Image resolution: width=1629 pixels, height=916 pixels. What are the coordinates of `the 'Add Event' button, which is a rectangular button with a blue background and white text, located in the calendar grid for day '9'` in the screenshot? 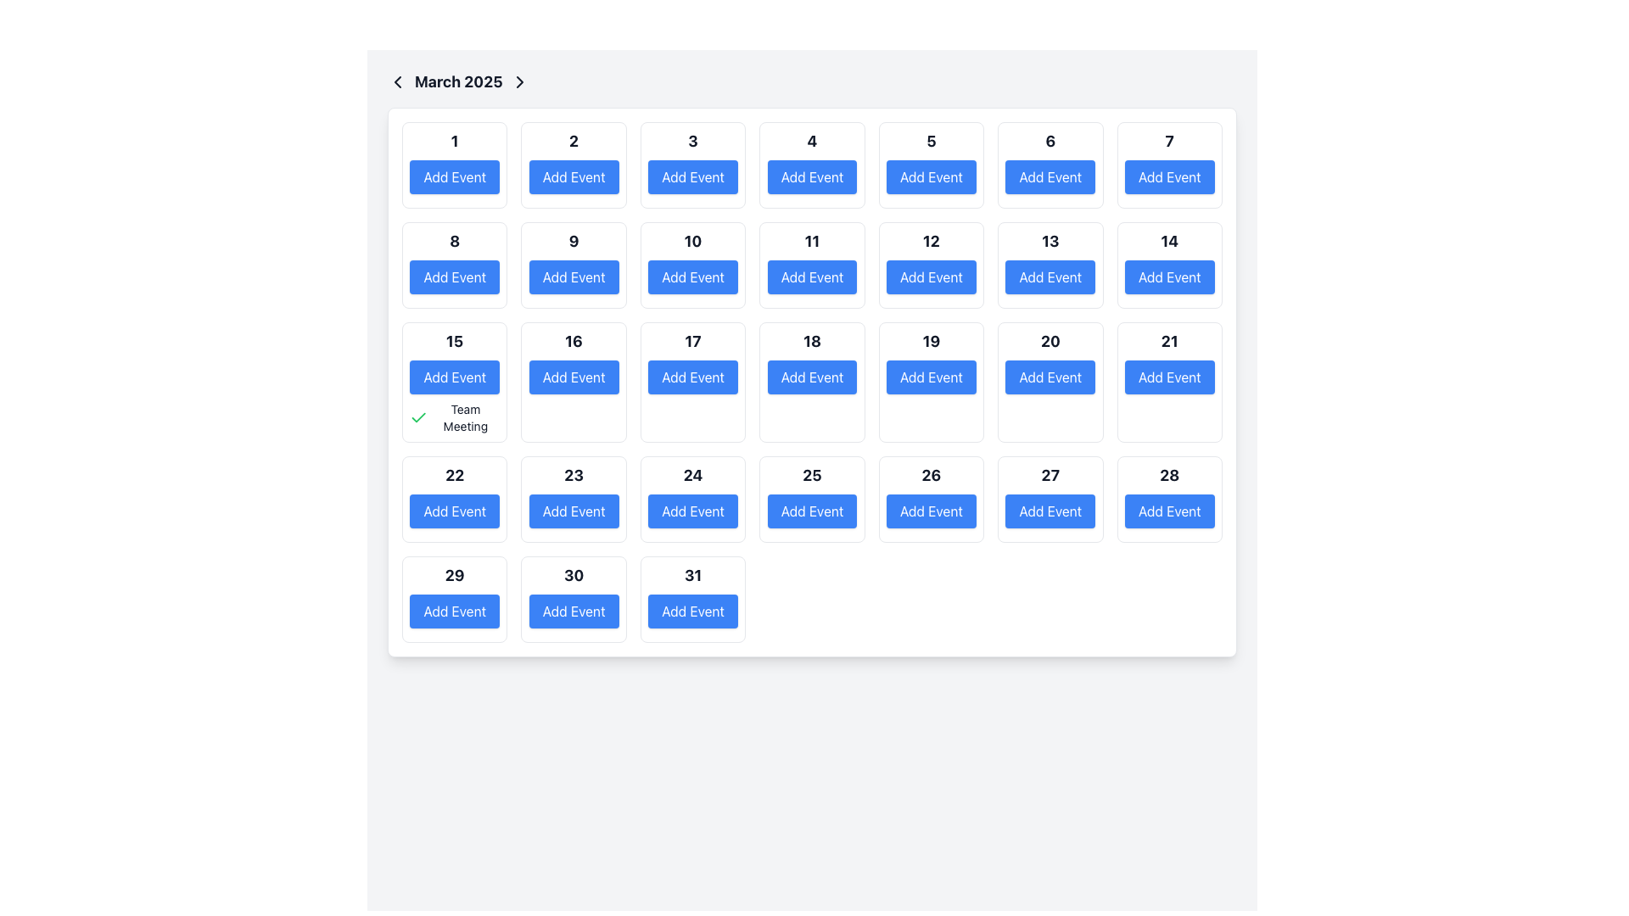 It's located at (574, 276).